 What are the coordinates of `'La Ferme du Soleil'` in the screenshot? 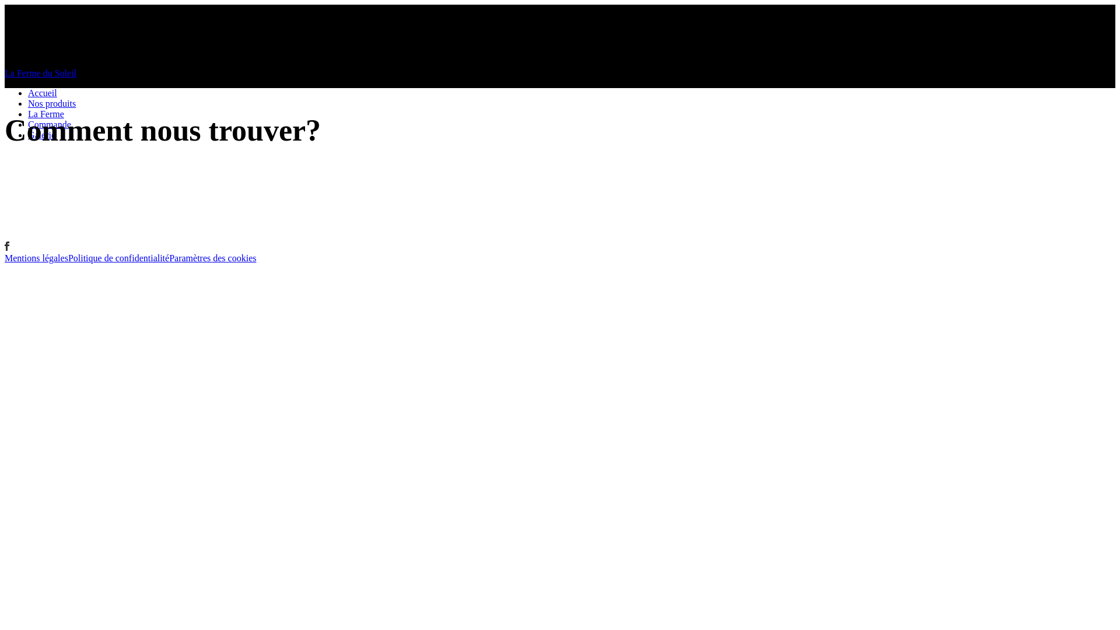 It's located at (560, 73).